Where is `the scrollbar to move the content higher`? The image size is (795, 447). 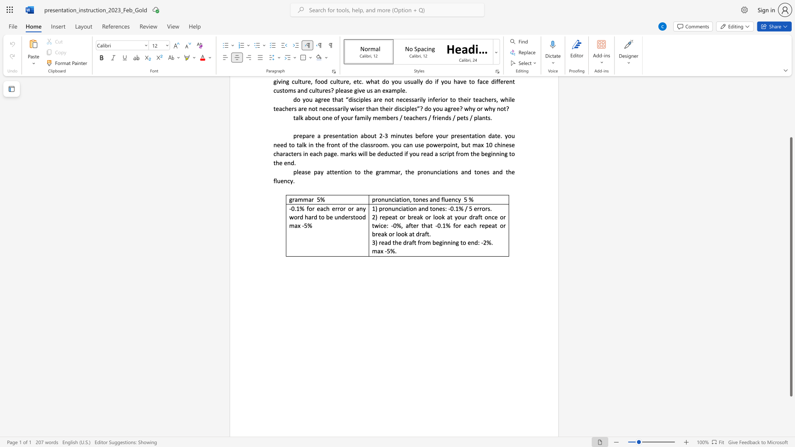 the scrollbar to move the content higher is located at coordinates (790, 116).